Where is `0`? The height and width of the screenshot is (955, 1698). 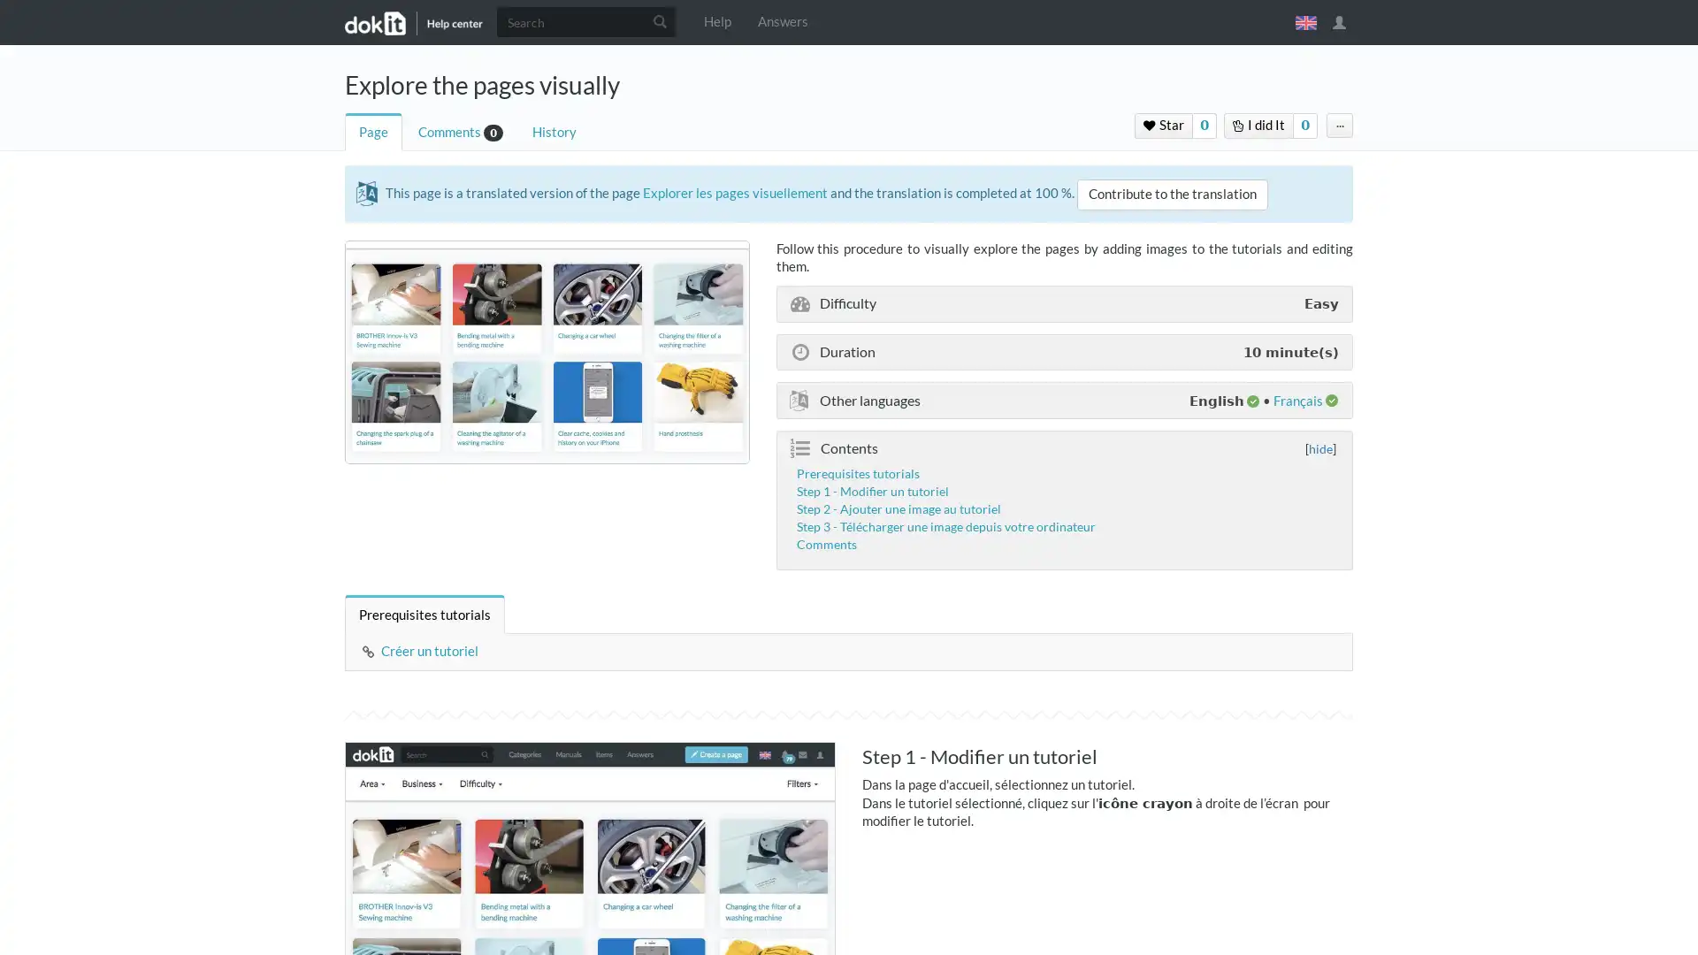 0 is located at coordinates (1204, 125).